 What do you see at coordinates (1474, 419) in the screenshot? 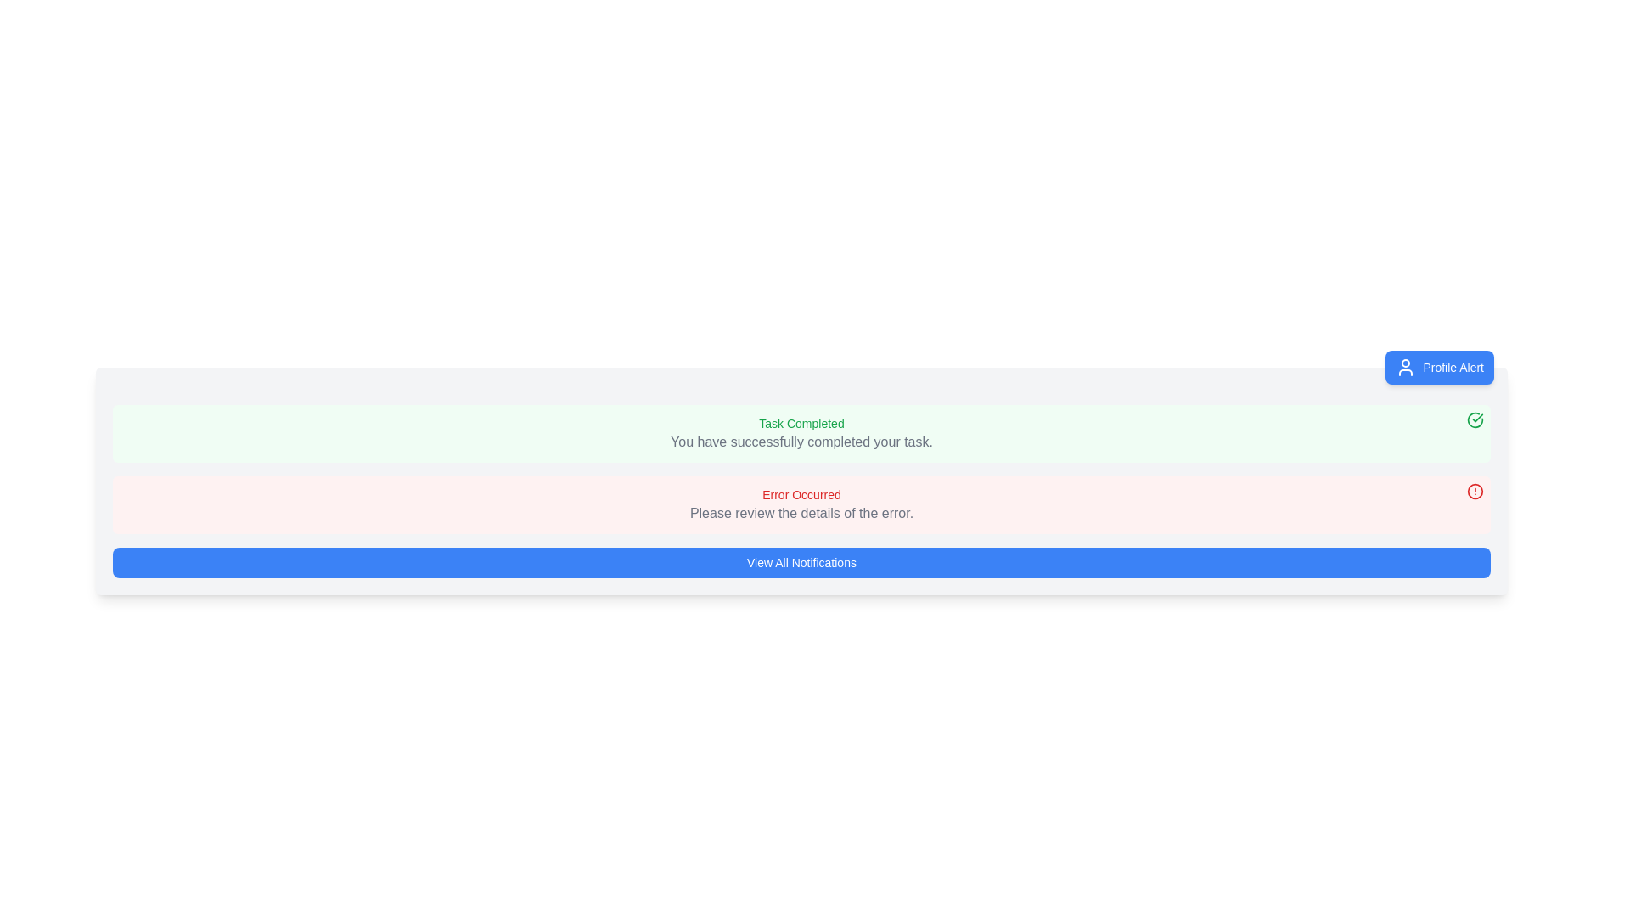
I see `the green circular icon featuring a checkmark located in the upper-right corner of the notification card that states 'Task Completed'` at bounding box center [1474, 419].